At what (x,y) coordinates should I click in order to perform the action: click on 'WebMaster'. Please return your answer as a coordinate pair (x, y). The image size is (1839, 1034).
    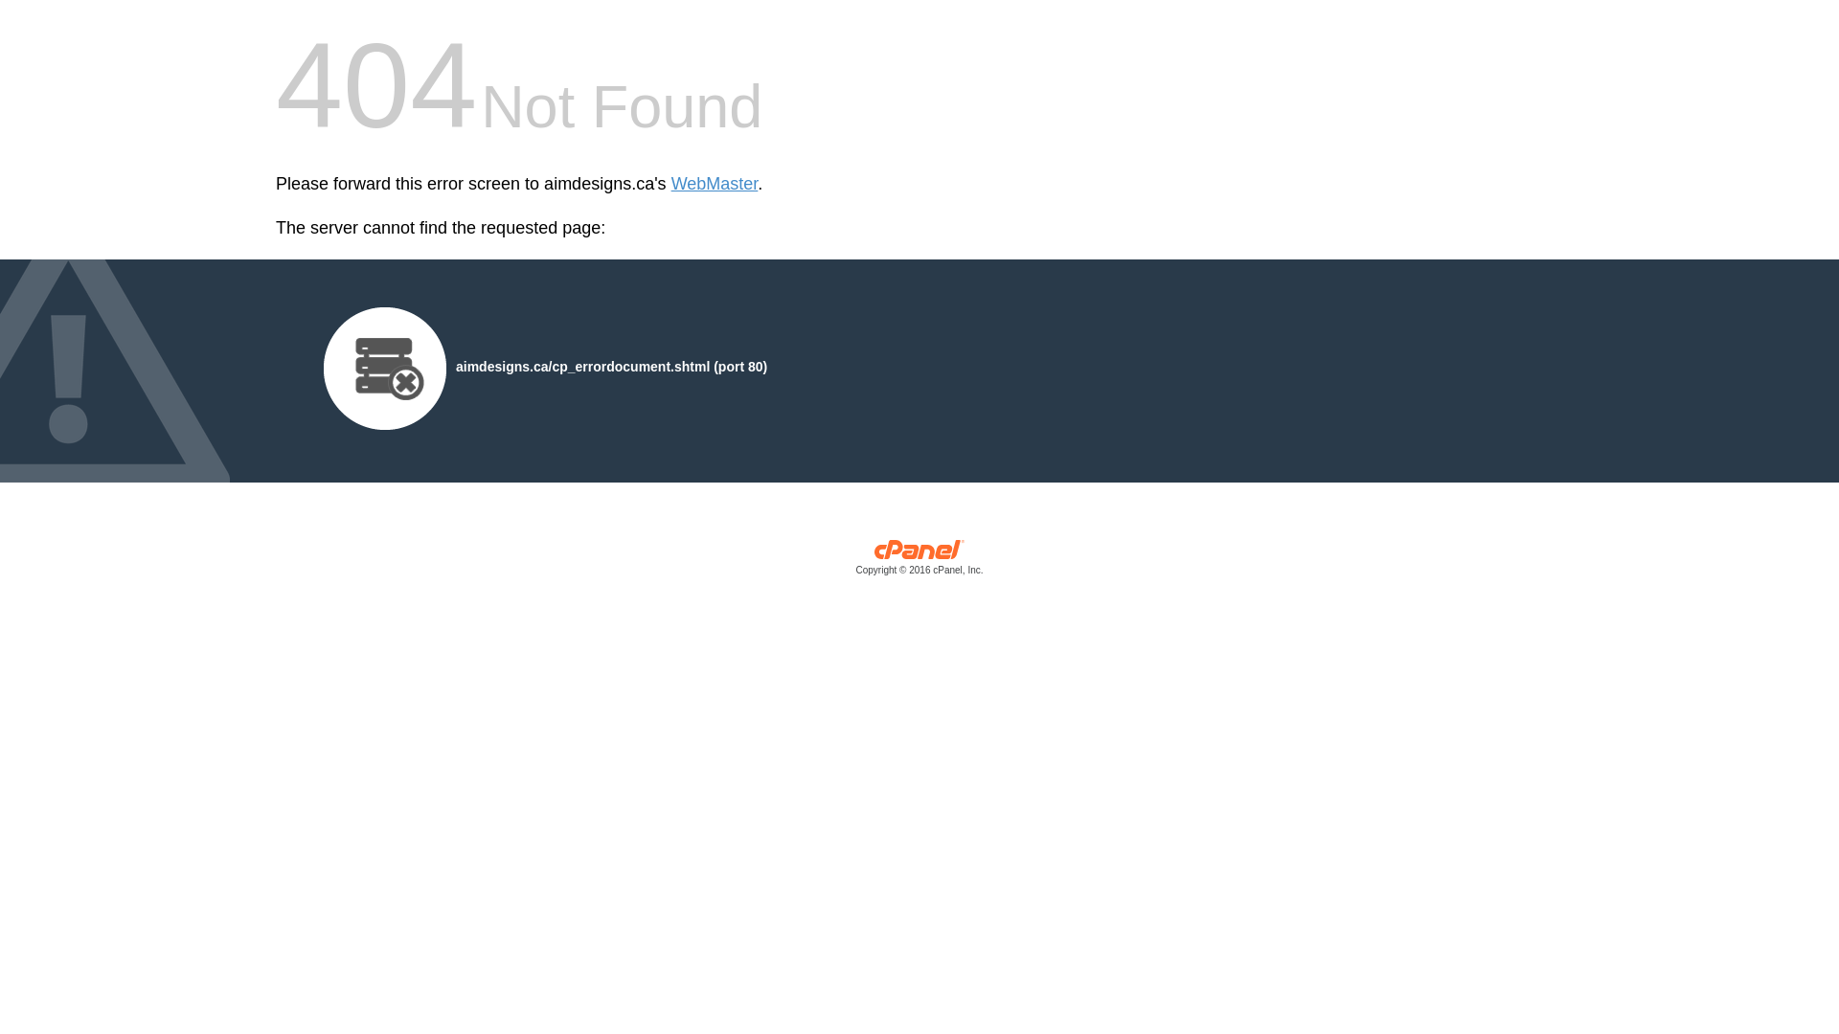
    Looking at the image, I should click on (670, 184).